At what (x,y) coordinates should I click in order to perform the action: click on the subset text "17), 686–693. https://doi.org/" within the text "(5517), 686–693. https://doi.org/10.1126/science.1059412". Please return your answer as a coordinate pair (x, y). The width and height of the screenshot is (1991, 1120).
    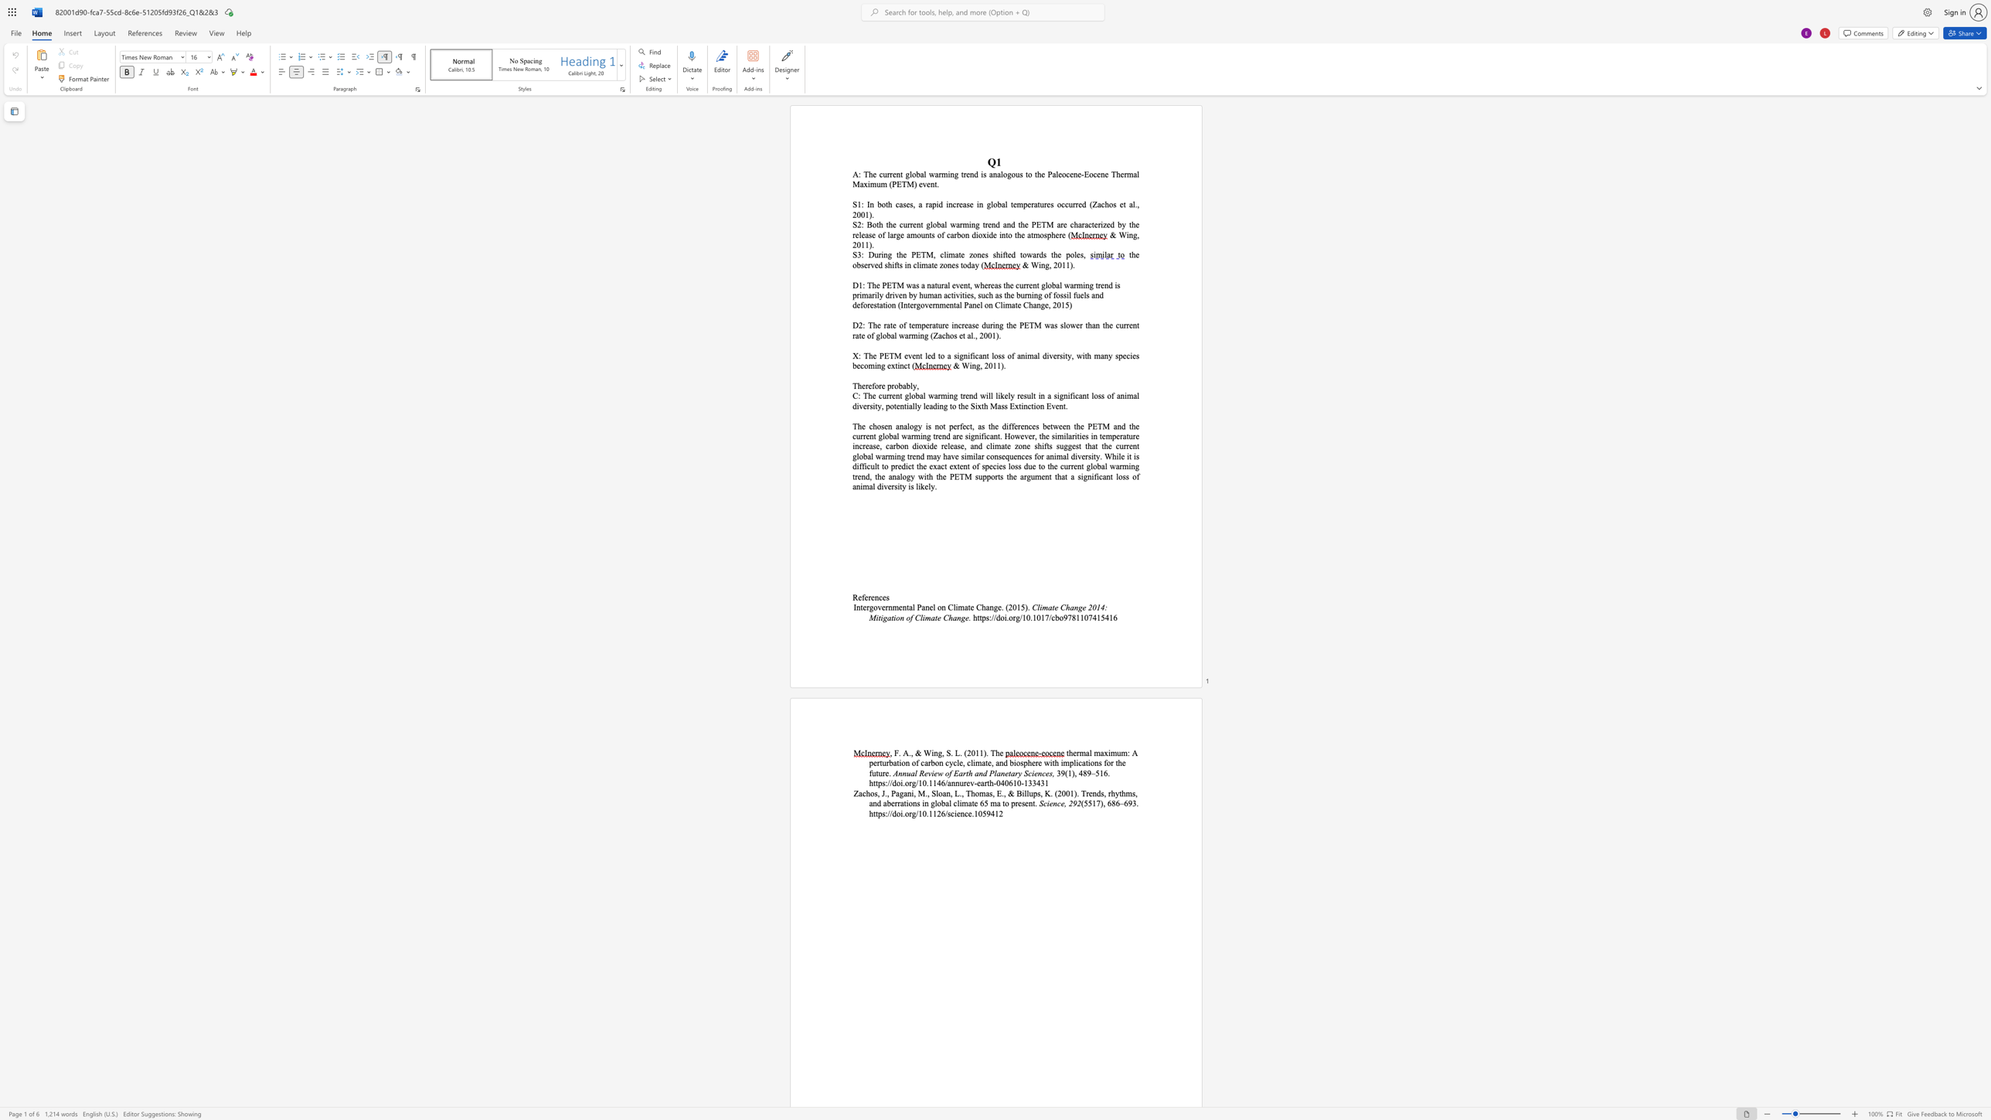
    Looking at the image, I should click on (1091, 803).